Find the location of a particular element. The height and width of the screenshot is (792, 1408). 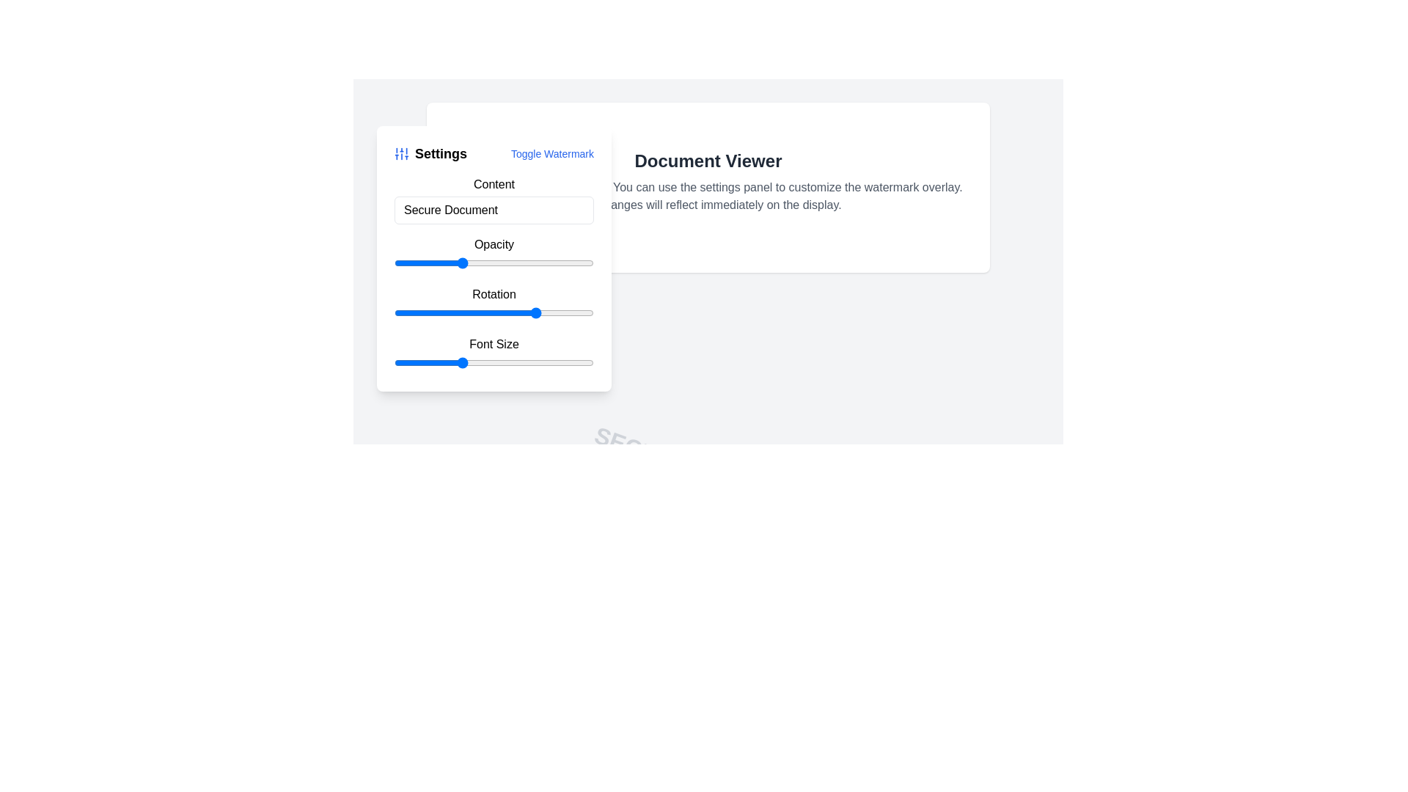

the 'Toggle Watermark' link in the Settings panel is located at coordinates (494, 153).